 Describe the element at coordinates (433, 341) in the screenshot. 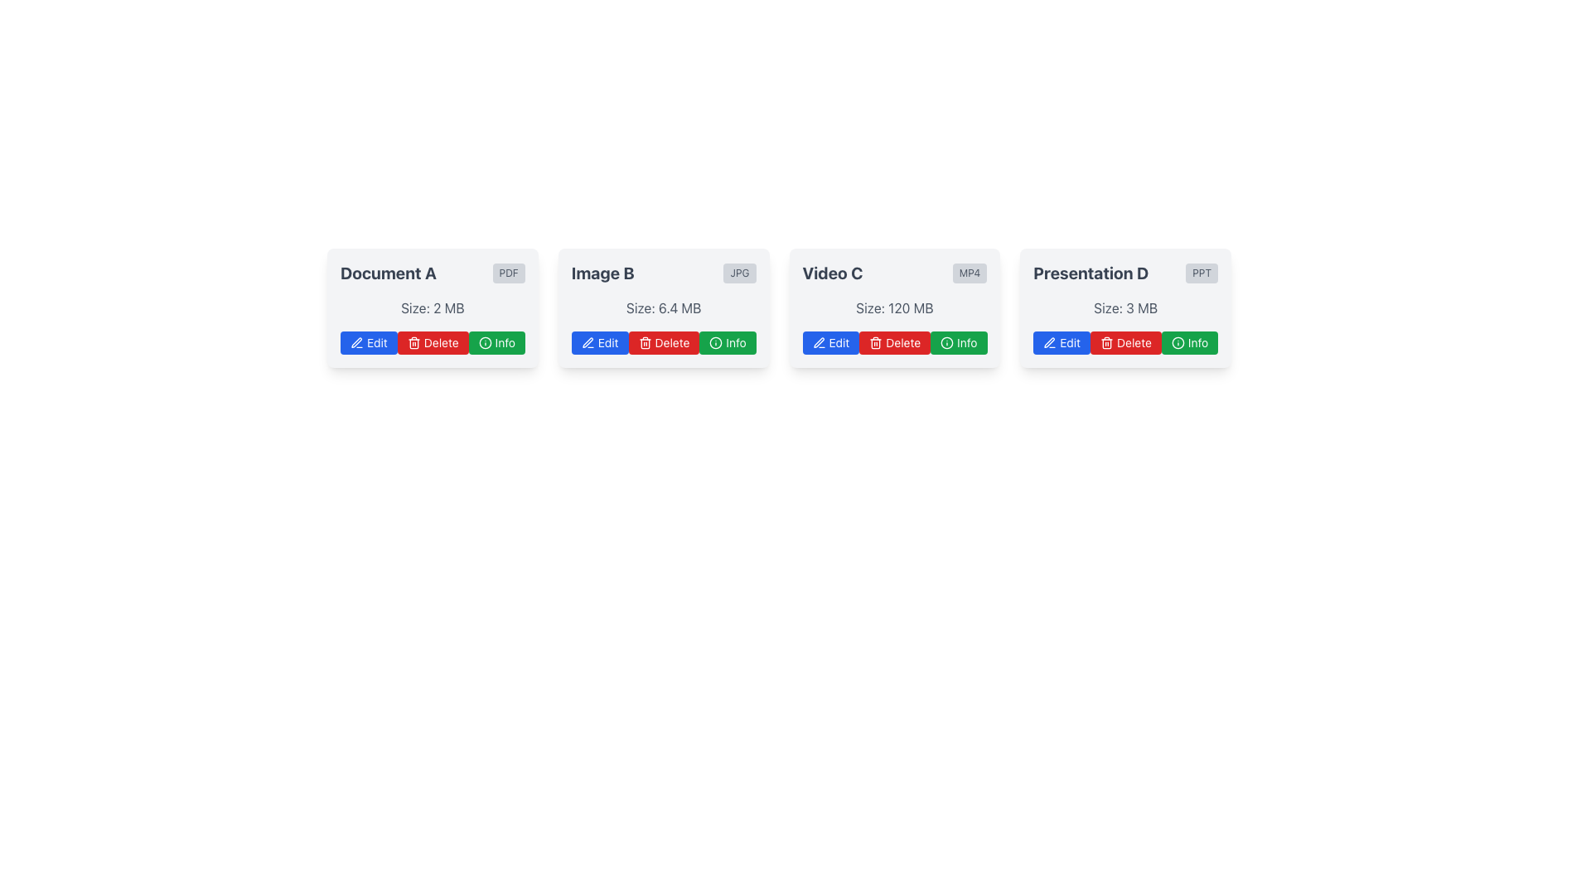

I see `the delete button located in the second position of a horizontal row of three buttons, between the 'Edit' and 'Info' buttons, to observe the hover effect` at that location.